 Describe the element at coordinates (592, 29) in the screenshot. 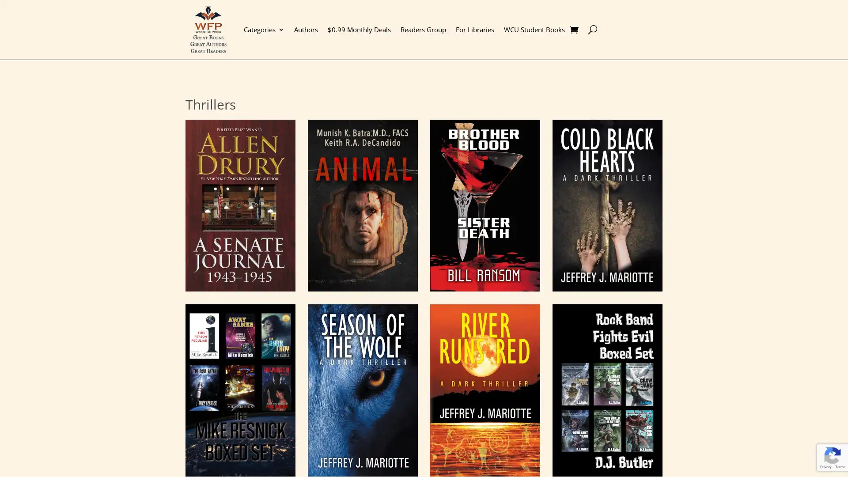

I see `U` at that location.